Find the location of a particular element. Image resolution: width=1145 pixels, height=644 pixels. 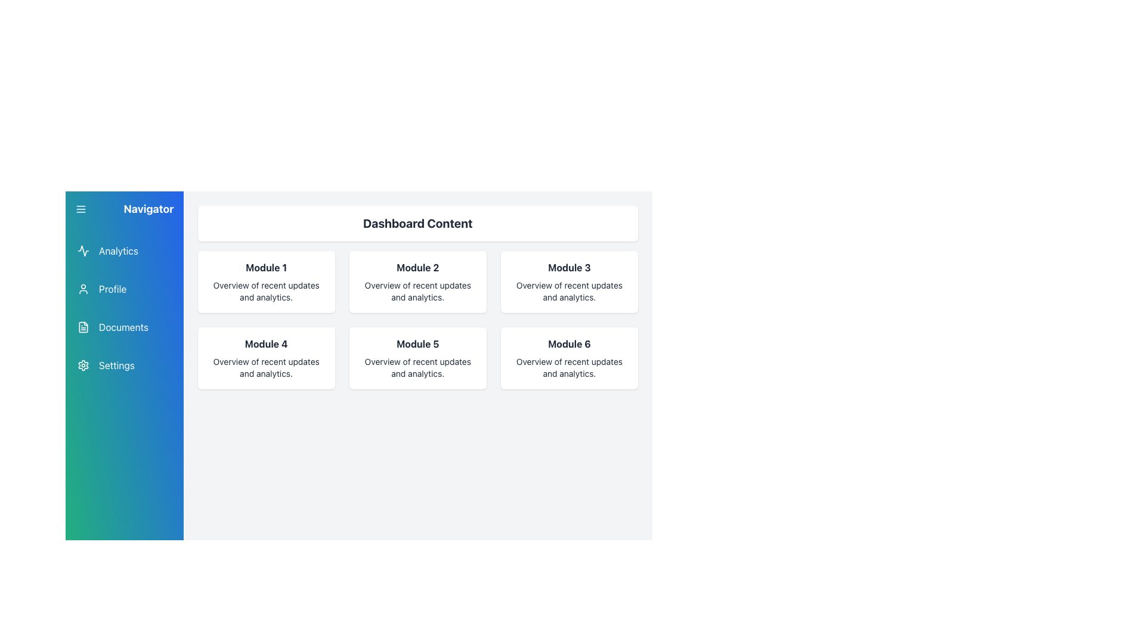

the gear icon located in the left sidebar under the 'Settings' menu option for interaction is located at coordinates (82, 365).